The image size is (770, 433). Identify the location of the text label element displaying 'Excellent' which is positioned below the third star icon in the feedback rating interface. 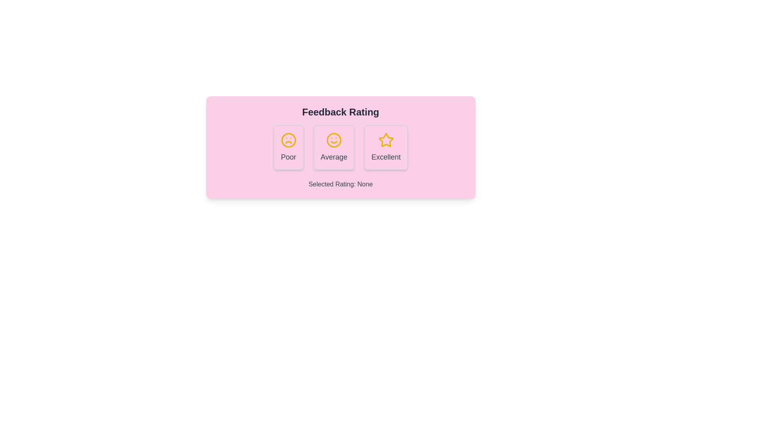
(386, 157).